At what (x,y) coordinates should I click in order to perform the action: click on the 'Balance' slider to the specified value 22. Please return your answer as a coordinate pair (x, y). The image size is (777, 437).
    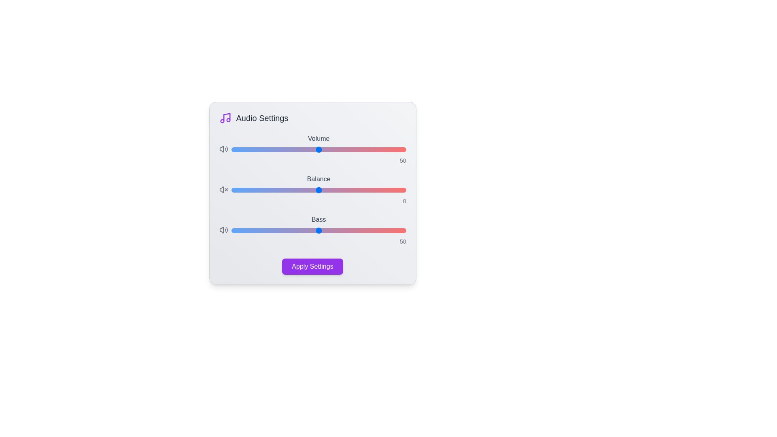
    Looking at the image, I should click on (357, 190).